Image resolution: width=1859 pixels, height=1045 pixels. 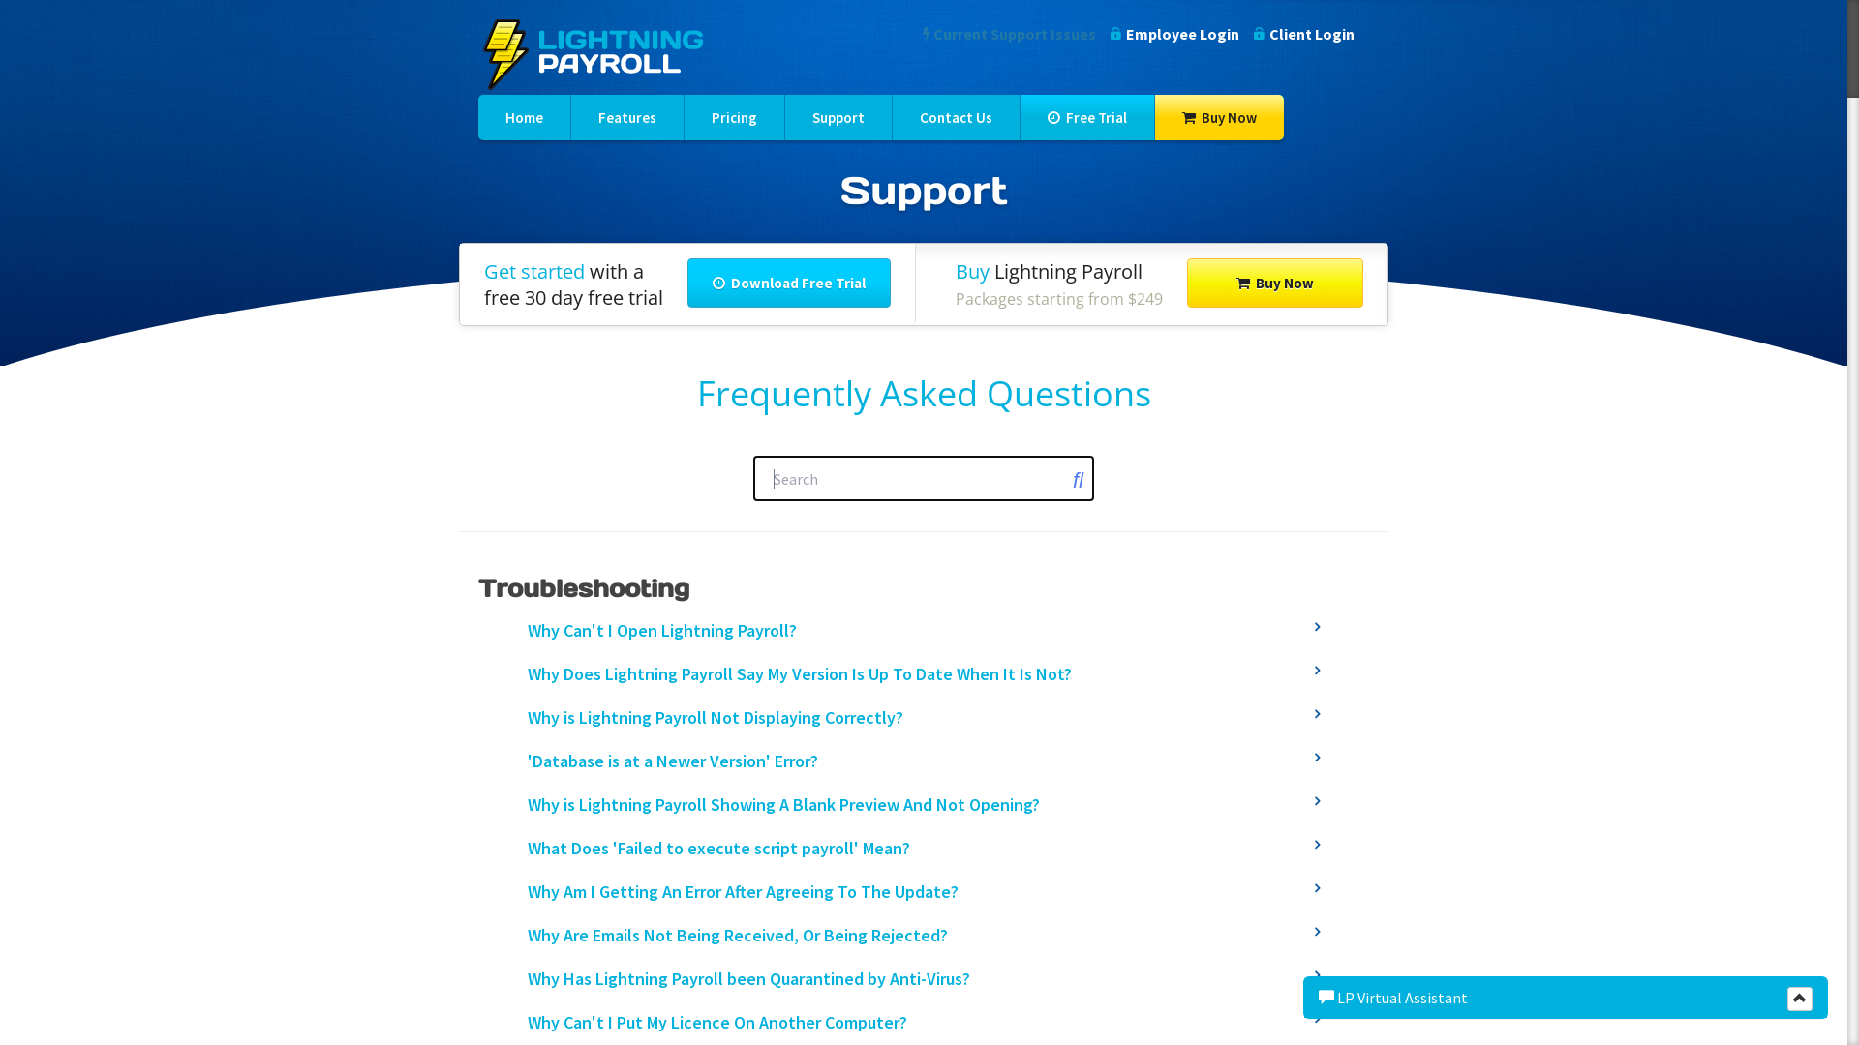 What do you see at coordinates (524, 117) in the screenshot?
I see `'Home'` at bounding box center [524, 117].